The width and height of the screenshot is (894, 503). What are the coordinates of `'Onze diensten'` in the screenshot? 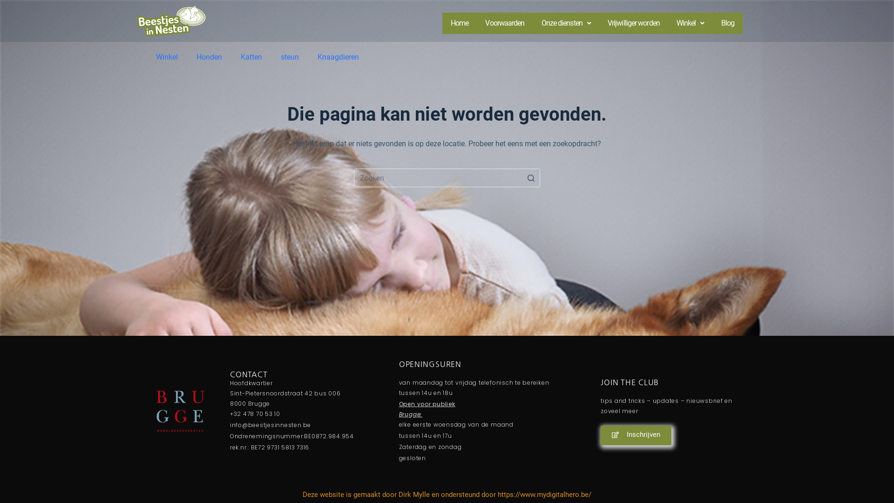 It's located at (565, 23).